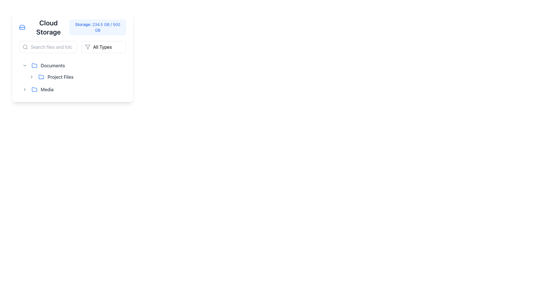 The width and height of the screenshot is (547, 308). I want to click on the triangular-shaped icon resembling a funnel, which is part of an SVG component located next to the 'All Types' button in the top-left panel of the interface, so click(87, 47).